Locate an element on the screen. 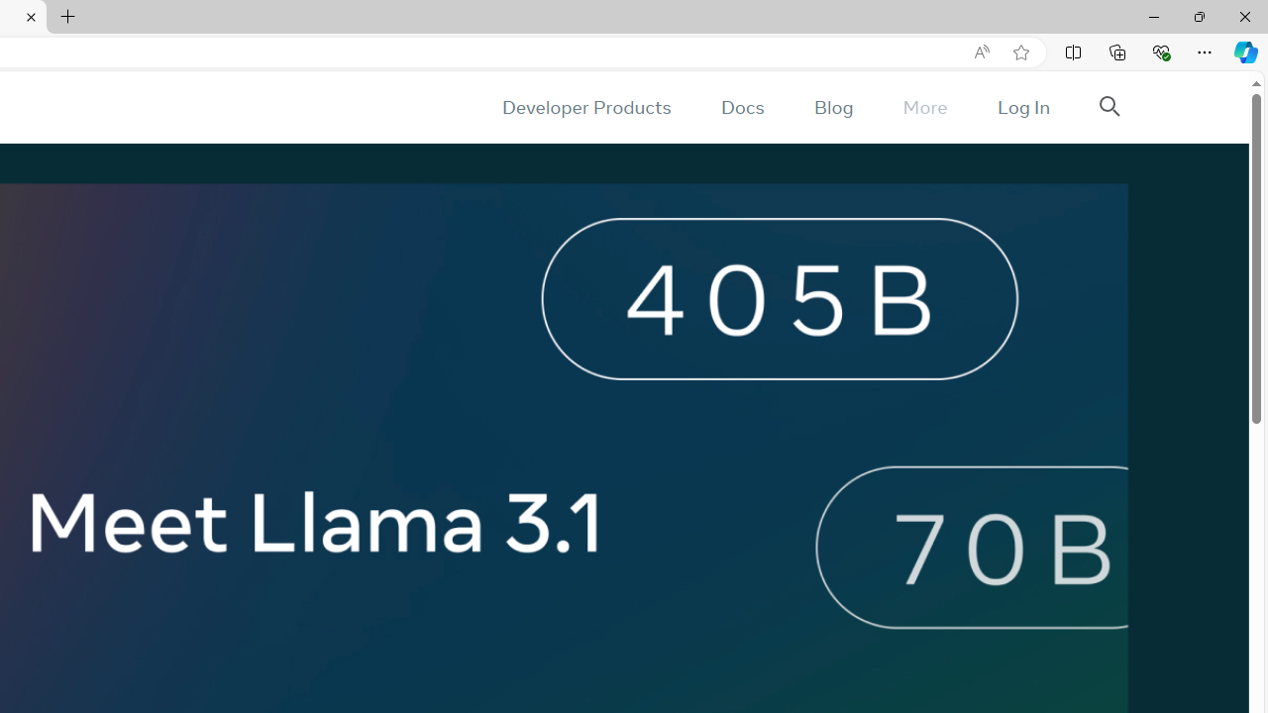  'Log In' is located at coordinates (1022, 107).